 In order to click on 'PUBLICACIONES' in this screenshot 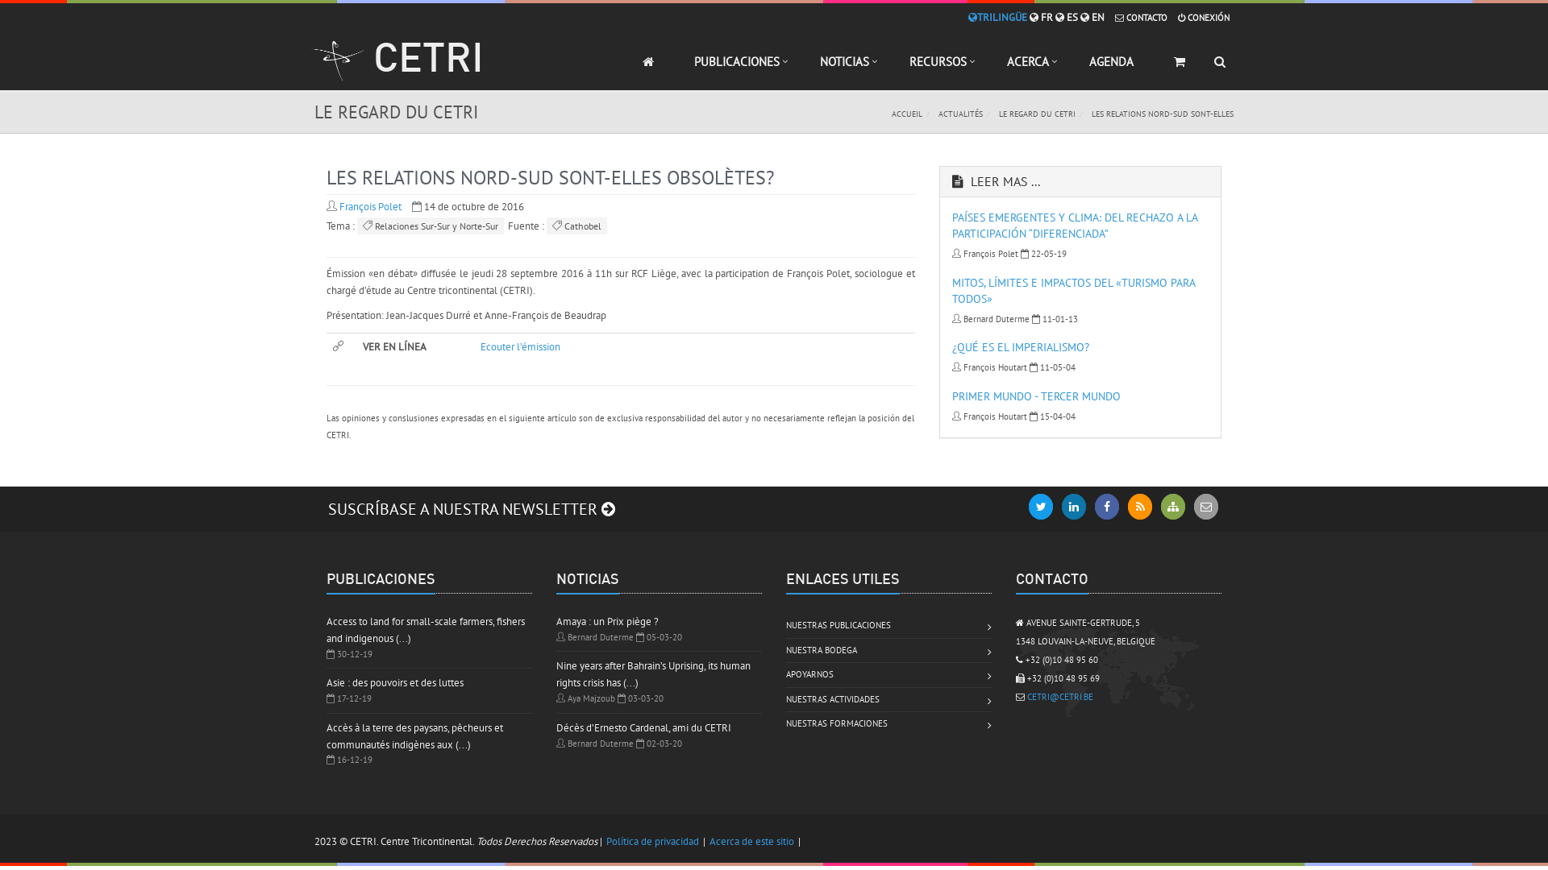, I will do `click(735, 68)`.